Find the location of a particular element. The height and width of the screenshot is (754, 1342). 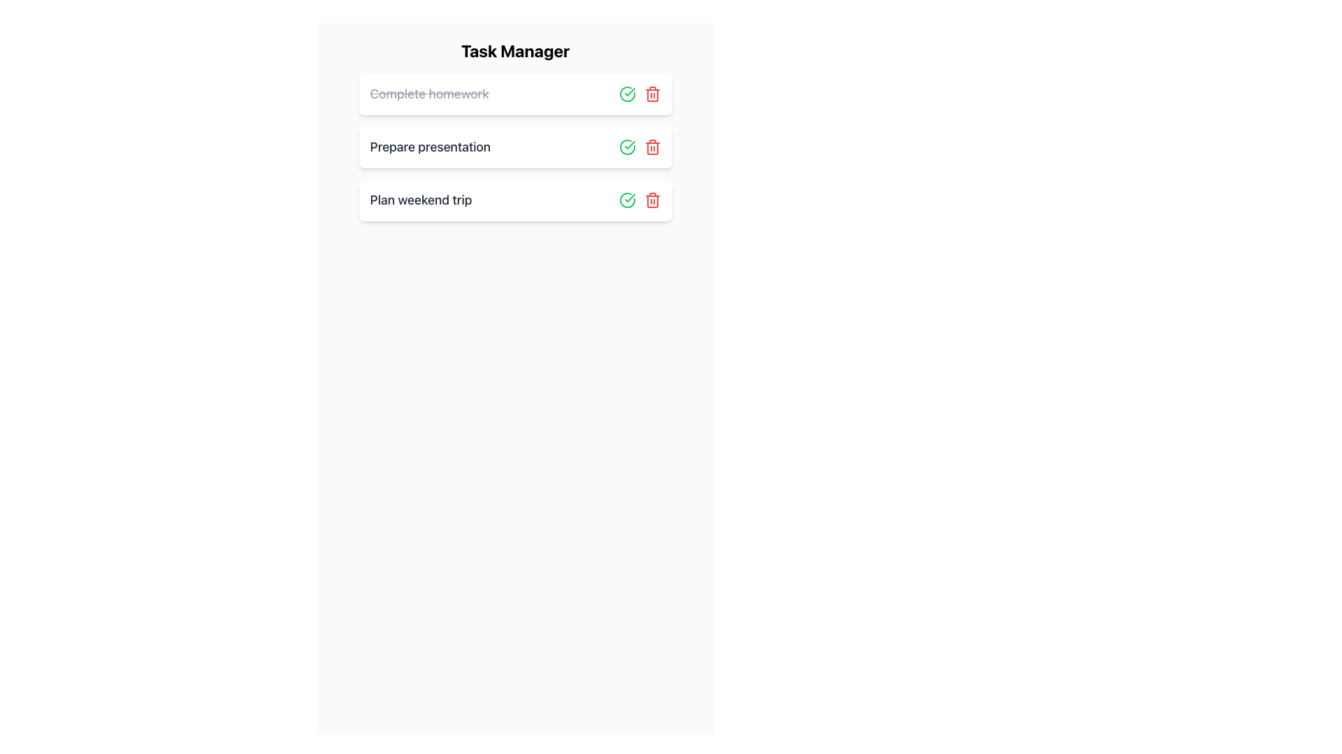

the icon button for task deletion associated with 'Complete homework' in the task management interface to confirm the removal of the task is located at coordinates (651, 94).